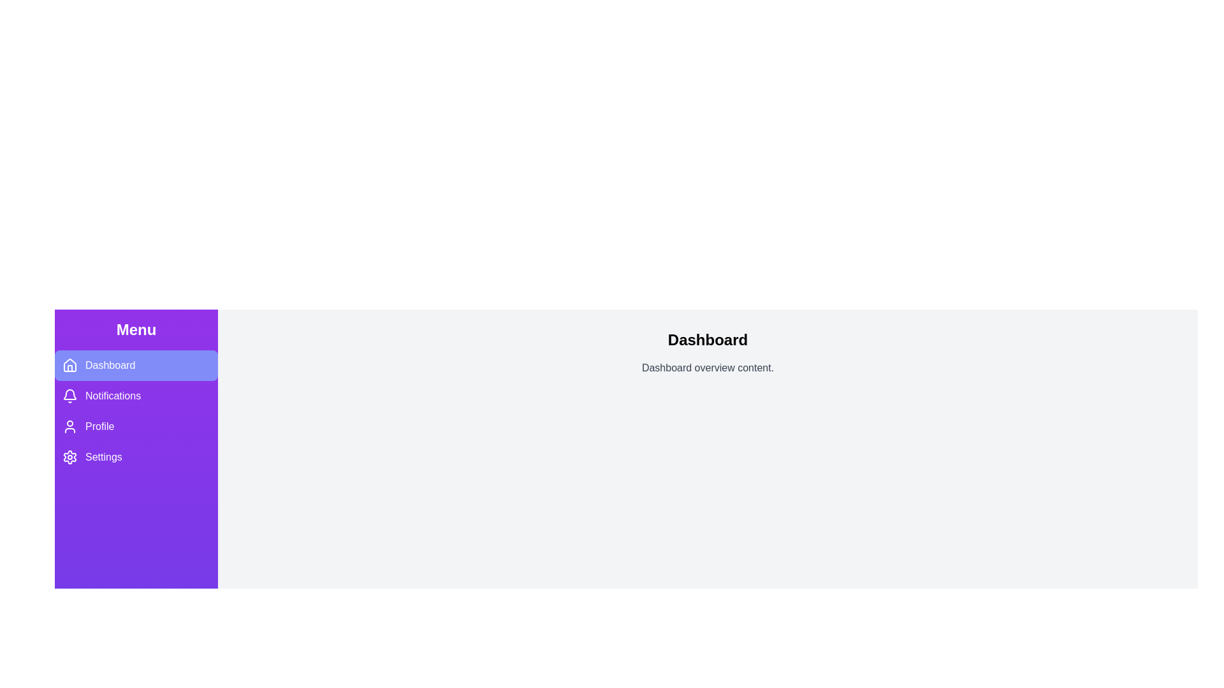 This screenshot has height=688, width=1224. I want to click on the small, house-shaped icon located to the left of the 'Dashboard' text label within the highlighted 'Dashboard' menu entry, so click(69, 366).